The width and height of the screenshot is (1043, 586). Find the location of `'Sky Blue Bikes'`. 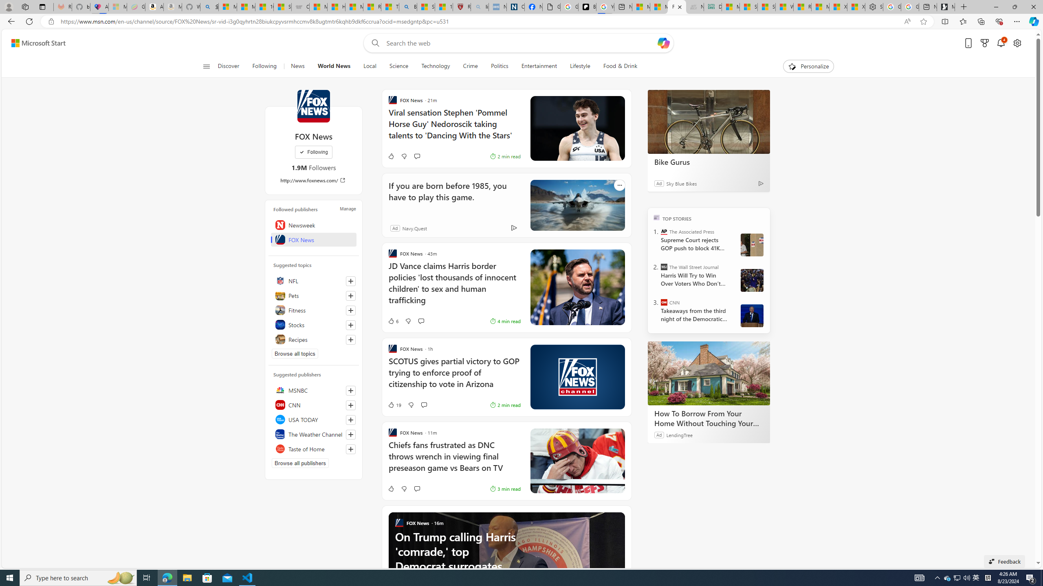

'Sky Blue Bikes' is located at coordinates (681, 183).